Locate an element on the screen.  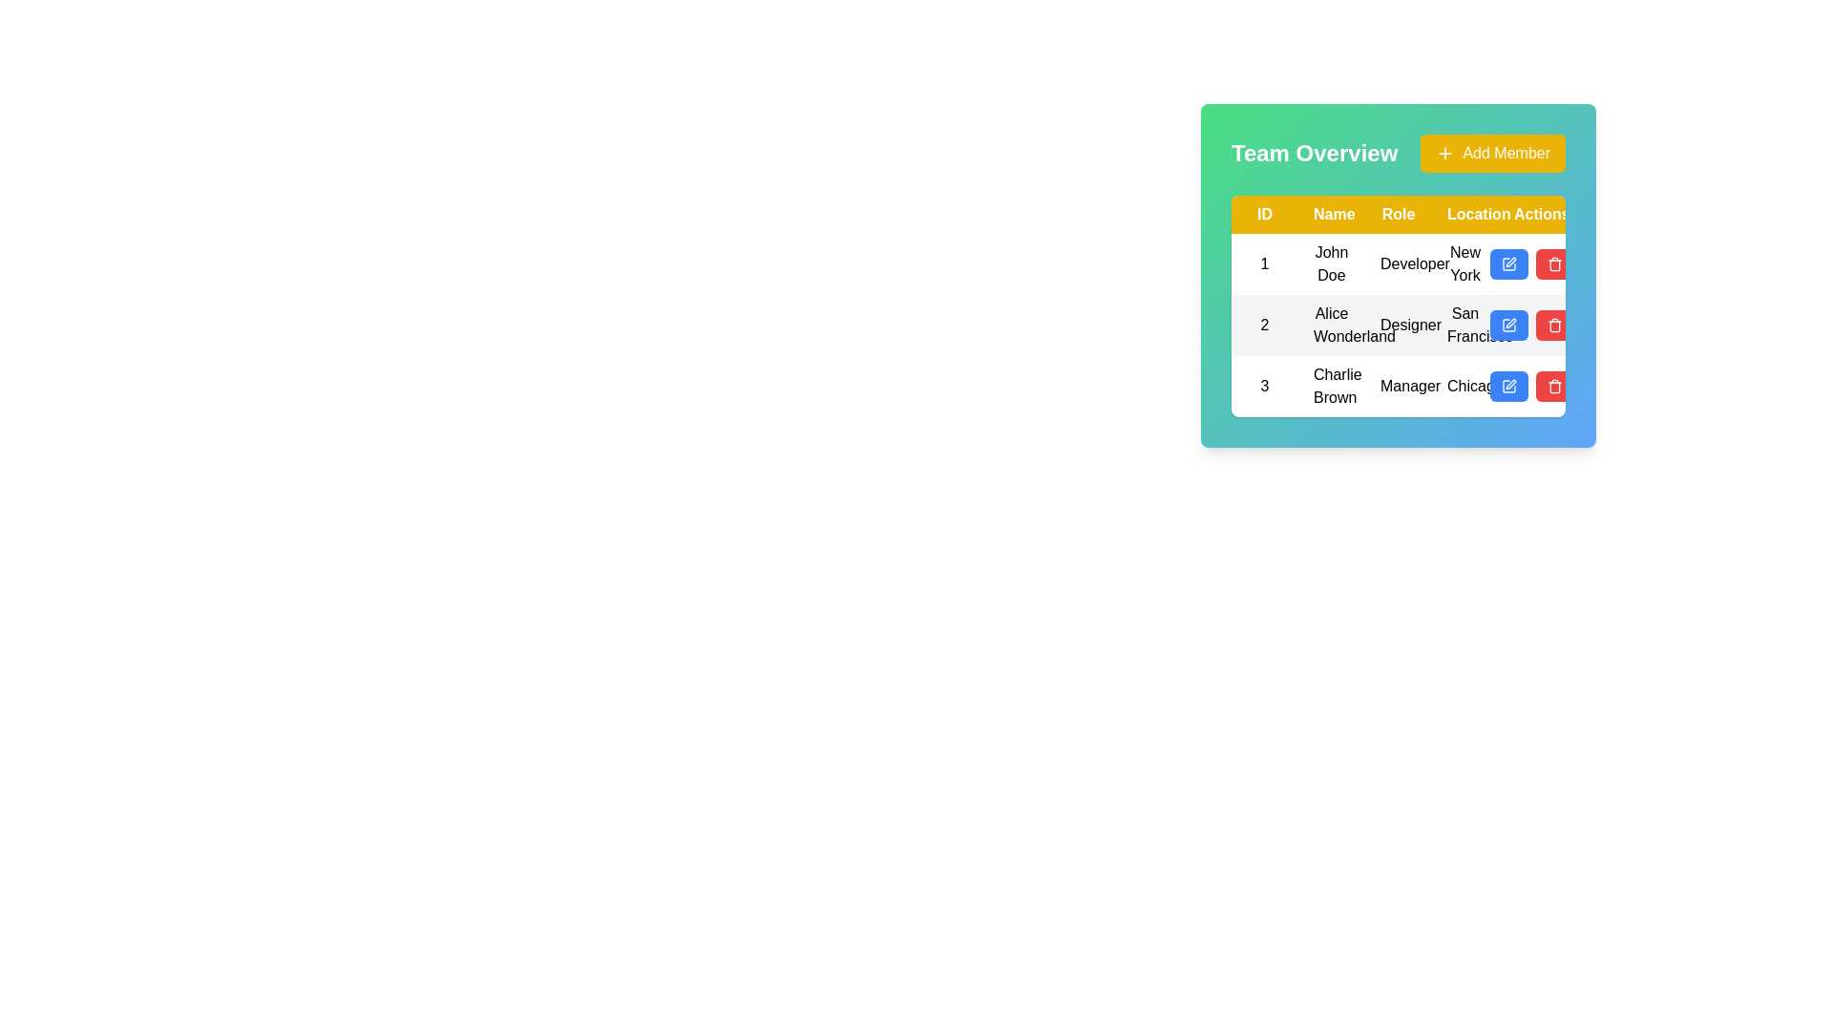
the 'Actions' text label, which is the last column title in a table with a yellow header background, located in the top row of the table is located at coordinates (1531, 214).